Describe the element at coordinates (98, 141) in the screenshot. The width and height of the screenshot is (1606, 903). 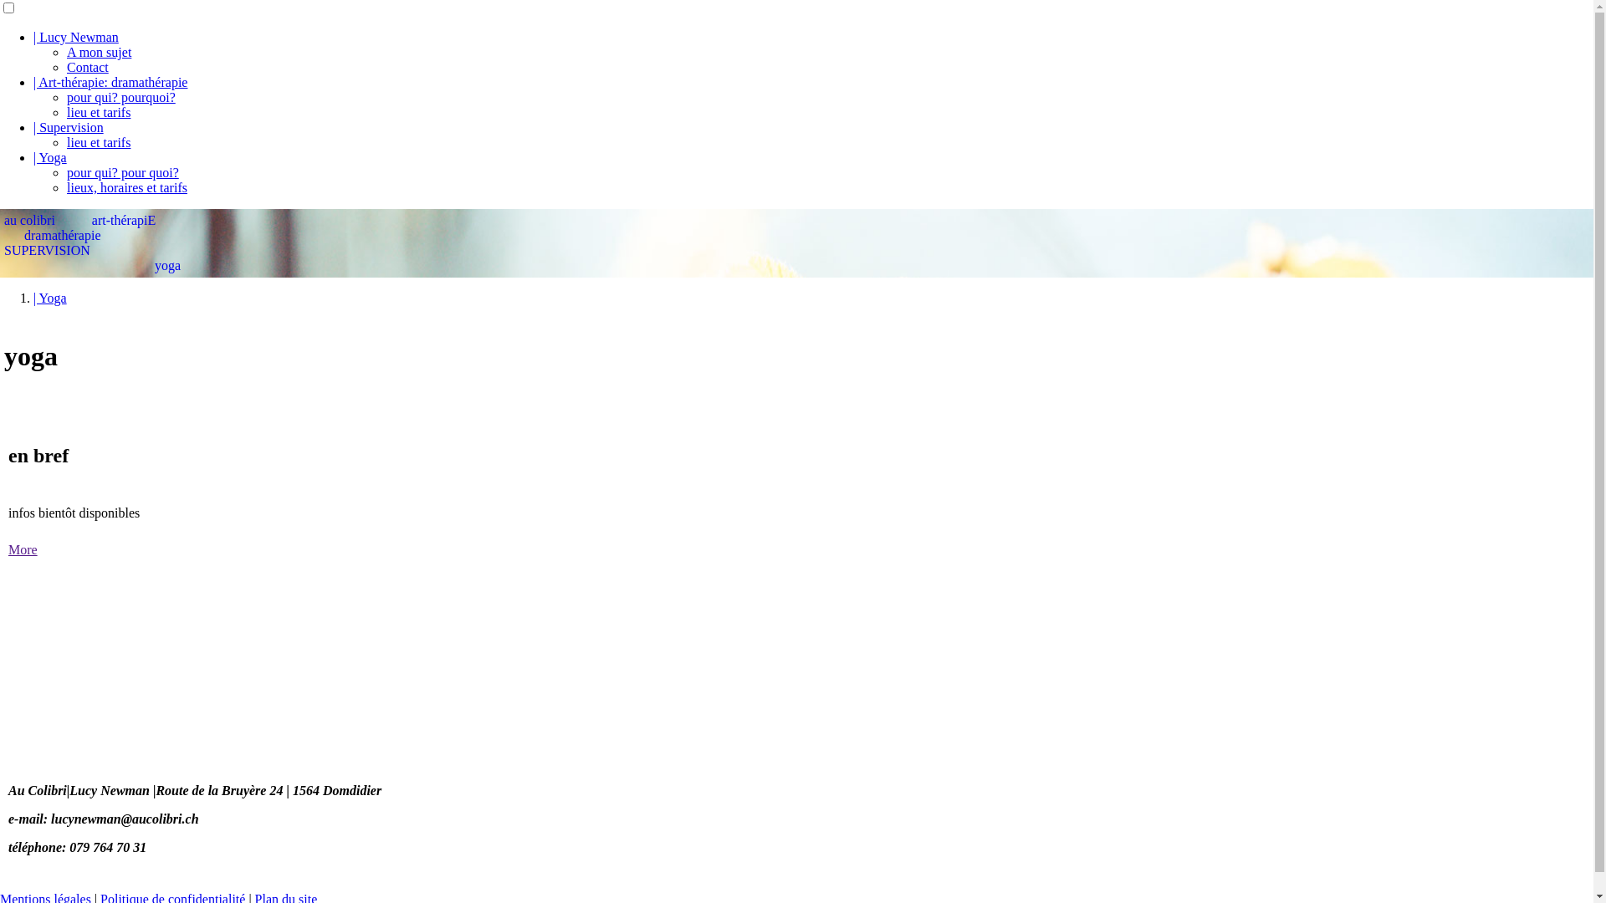
I see `'lieu et tarifs'` at that location.